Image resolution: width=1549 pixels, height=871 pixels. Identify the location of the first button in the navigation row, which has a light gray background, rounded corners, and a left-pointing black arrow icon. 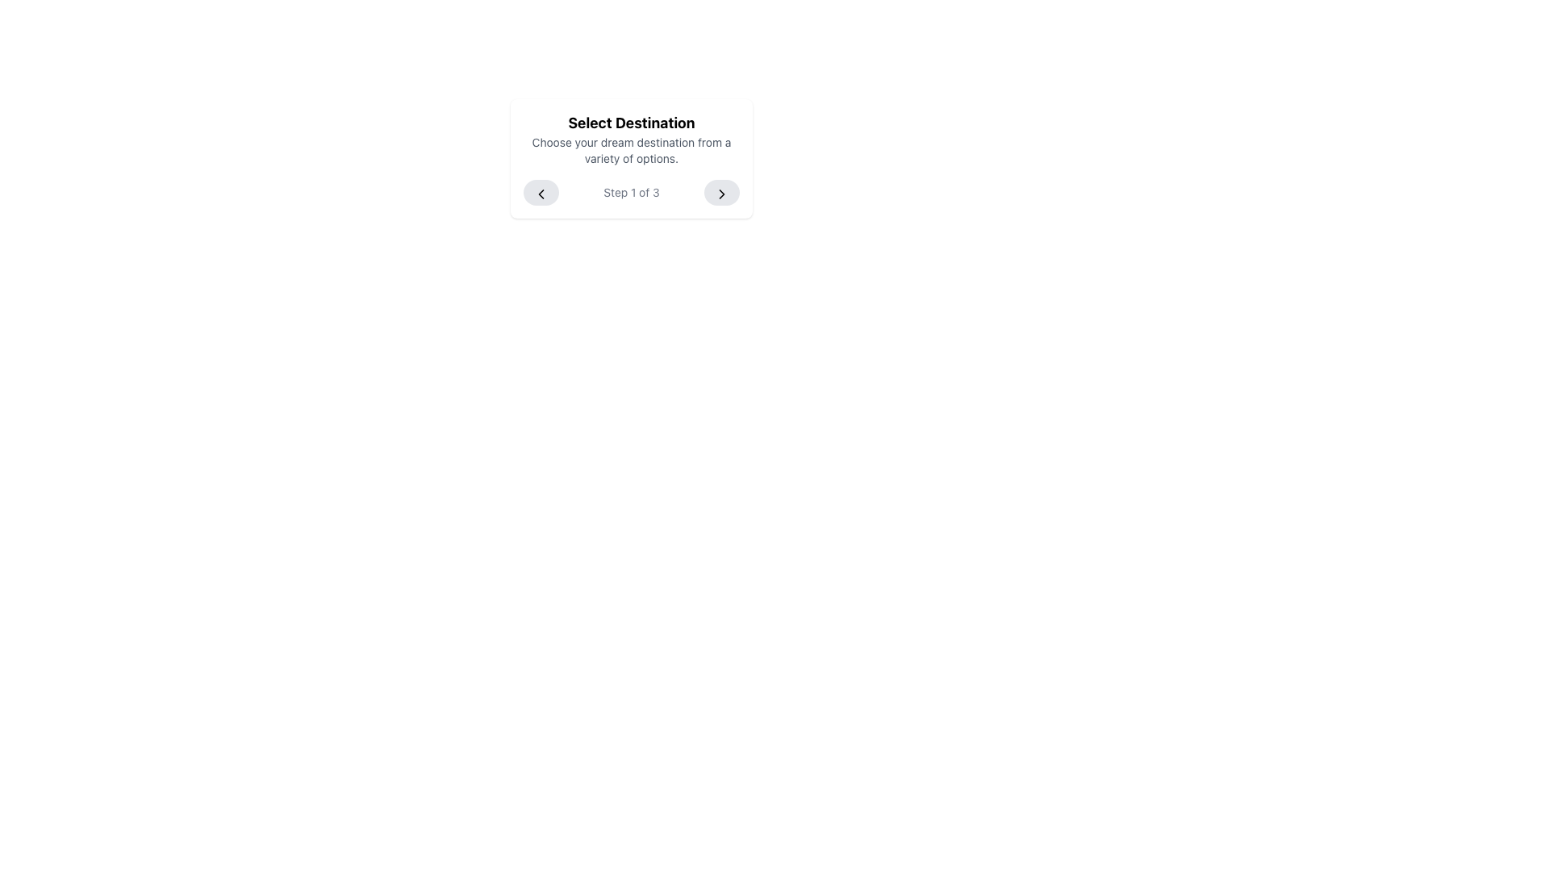
(541, 192).